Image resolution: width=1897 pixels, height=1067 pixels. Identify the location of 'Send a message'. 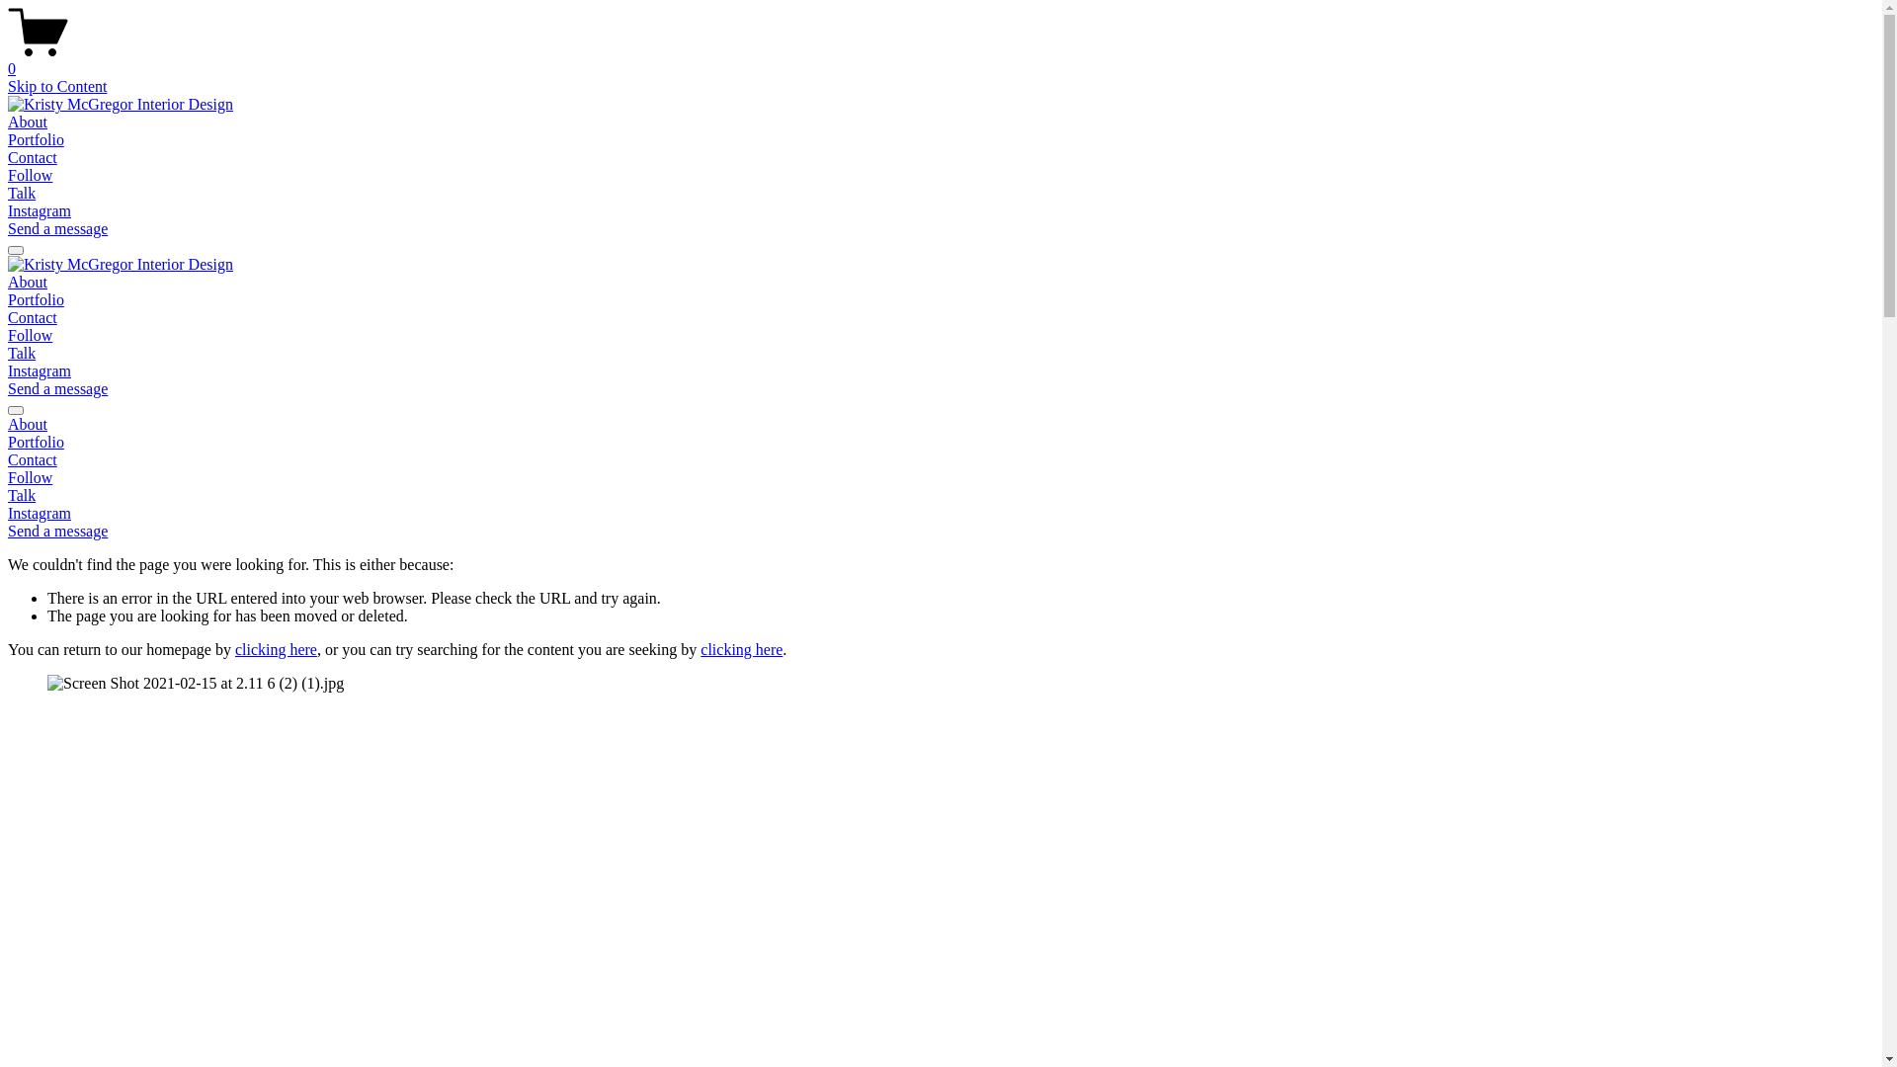
(57, 227).